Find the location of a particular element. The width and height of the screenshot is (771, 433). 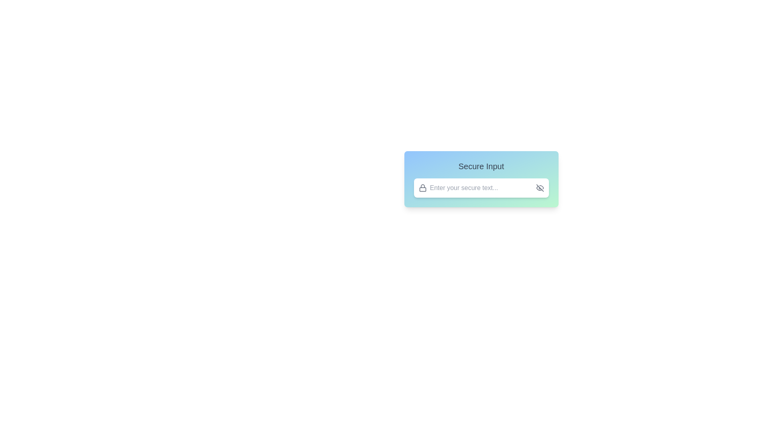

the diagonal line icon element that indicates 'hidden' or 'disabled', located to the far right within the interactive input text field area is located at coordinates (540, 188).